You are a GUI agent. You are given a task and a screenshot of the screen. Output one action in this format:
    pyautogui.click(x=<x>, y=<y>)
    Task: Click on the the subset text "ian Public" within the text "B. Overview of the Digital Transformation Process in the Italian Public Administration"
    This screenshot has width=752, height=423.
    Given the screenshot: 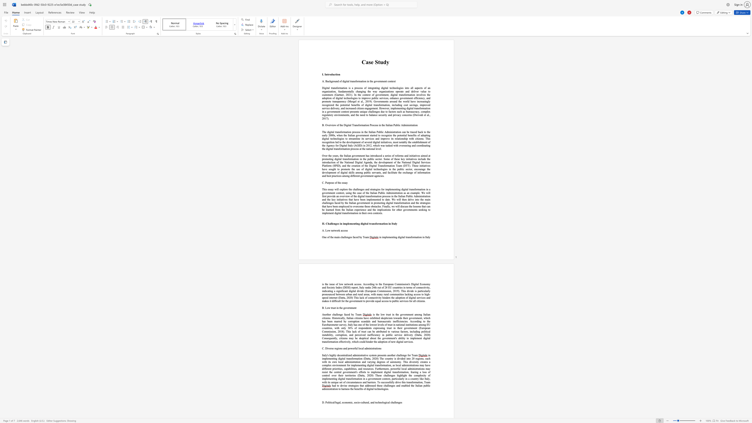 What is the action you would take?
    pyautogui.click(x=389, y=125)
    